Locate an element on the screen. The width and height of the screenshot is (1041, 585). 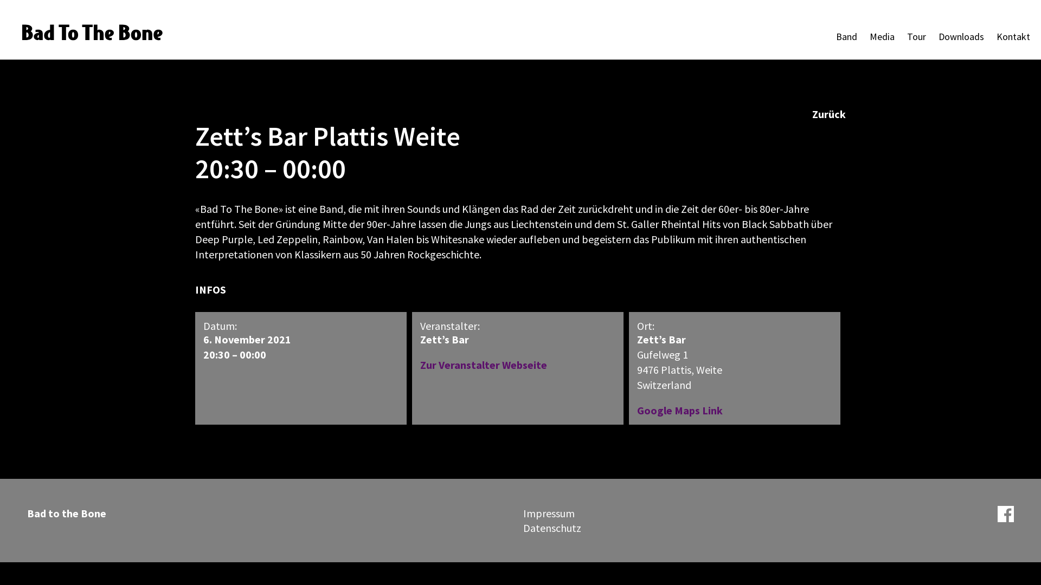
'Datenschutz' is located at coordinates (551, 527).